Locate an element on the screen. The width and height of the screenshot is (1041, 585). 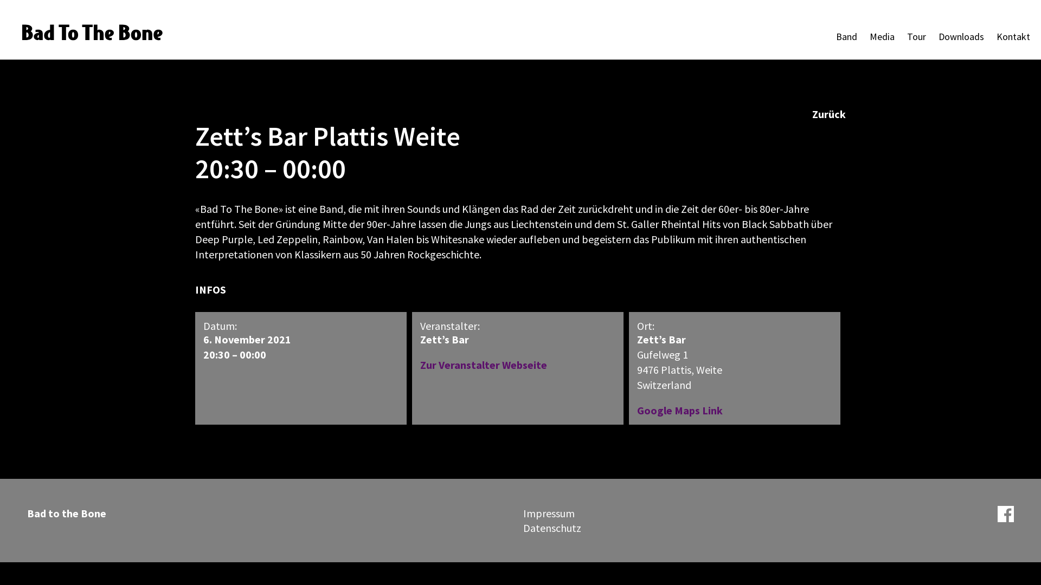
'Datenschutz' is located at coordinates (551, 527).